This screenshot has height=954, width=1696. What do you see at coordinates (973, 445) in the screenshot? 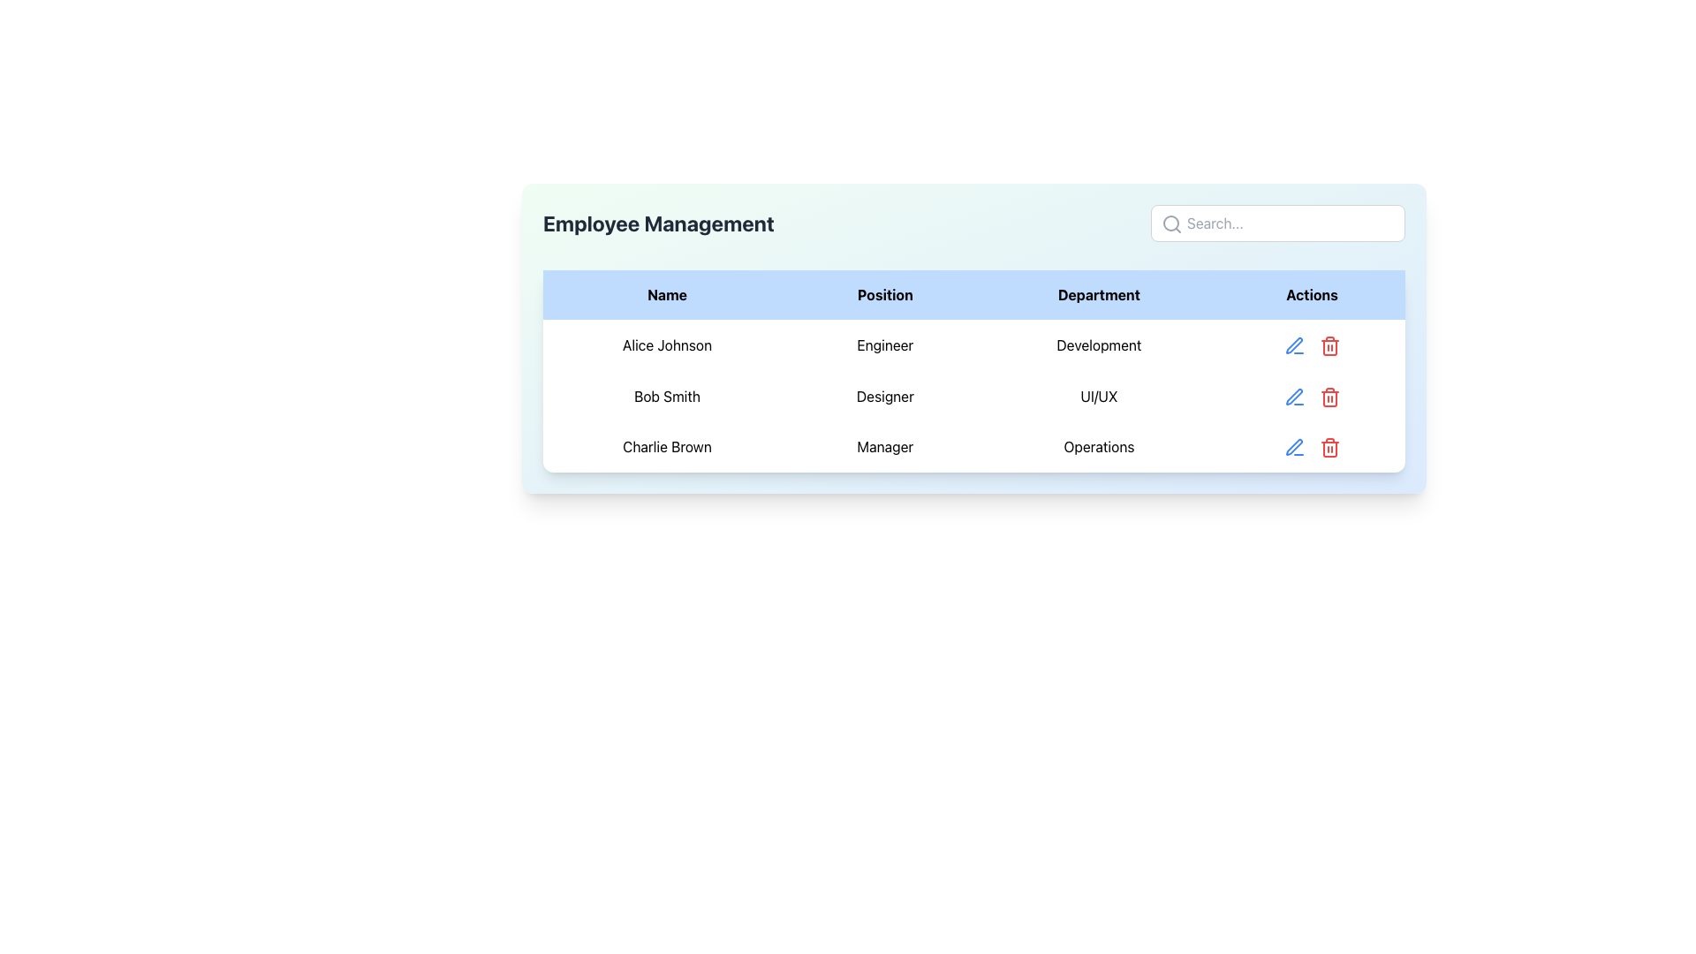
I see `the third row in the Employee Management table that contains the details for 'Charlie Brown', including columns for 'Name', 'Position', and 'Department'` at bounding box center [973, 445].